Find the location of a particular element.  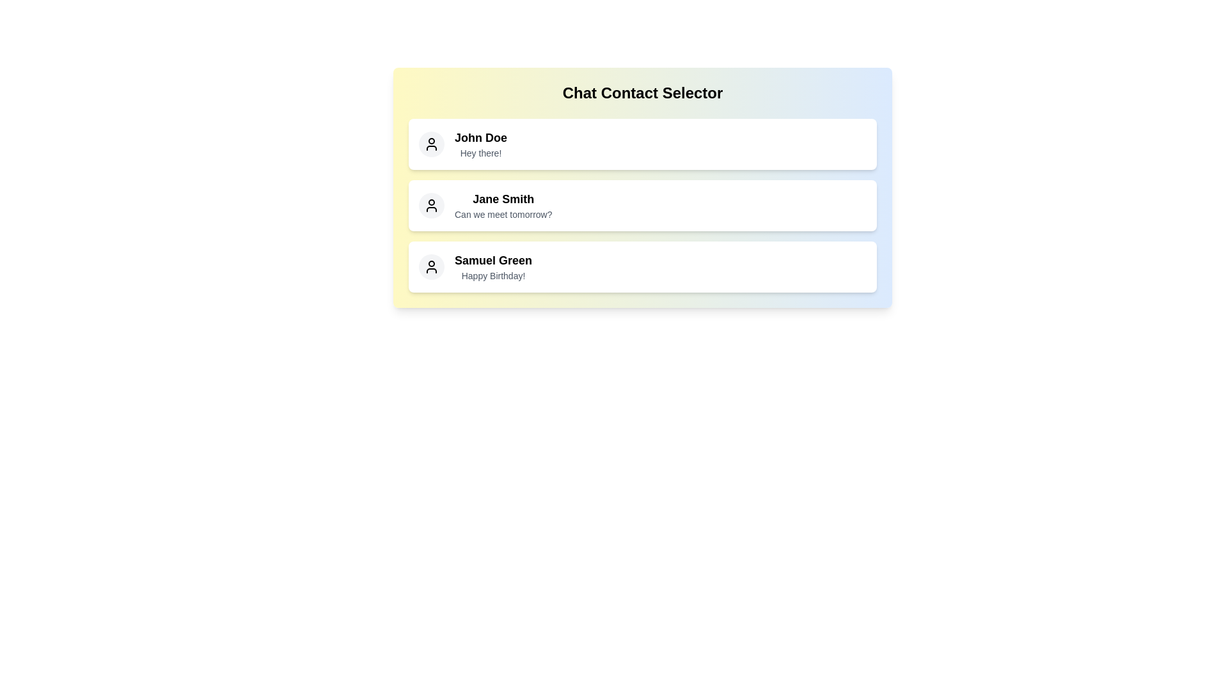

the contact named John Doe to select it is located at coordinates (642, 144).